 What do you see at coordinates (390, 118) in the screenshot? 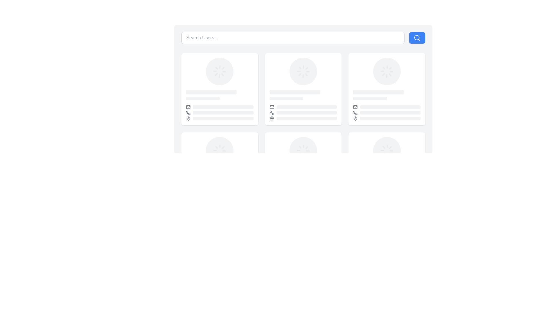
I see `the rectangular placeholder loading bar located in the rightmost user card on the second row, which resembles a progress indicator with a greyish background and rounded corners` at bounding box center [390, 118].